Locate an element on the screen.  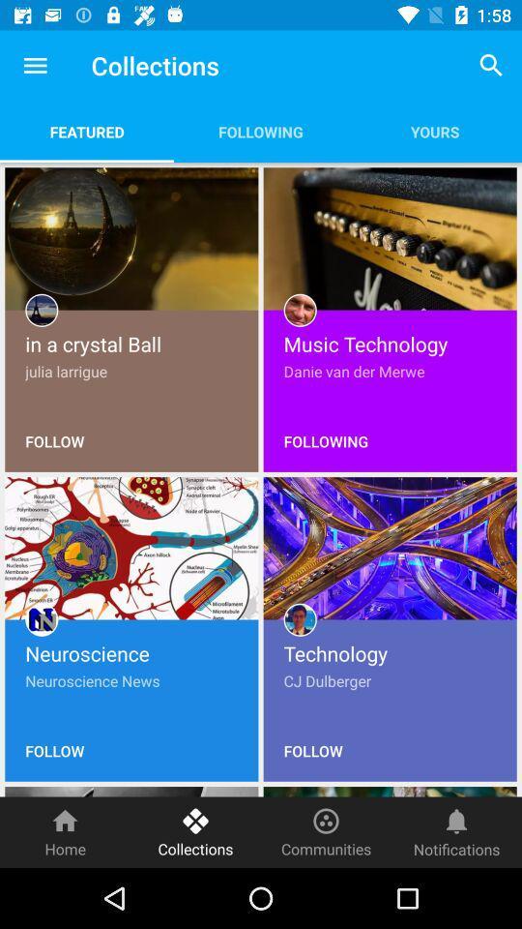
the icon above featured icon is located at coordinates (35, 66).